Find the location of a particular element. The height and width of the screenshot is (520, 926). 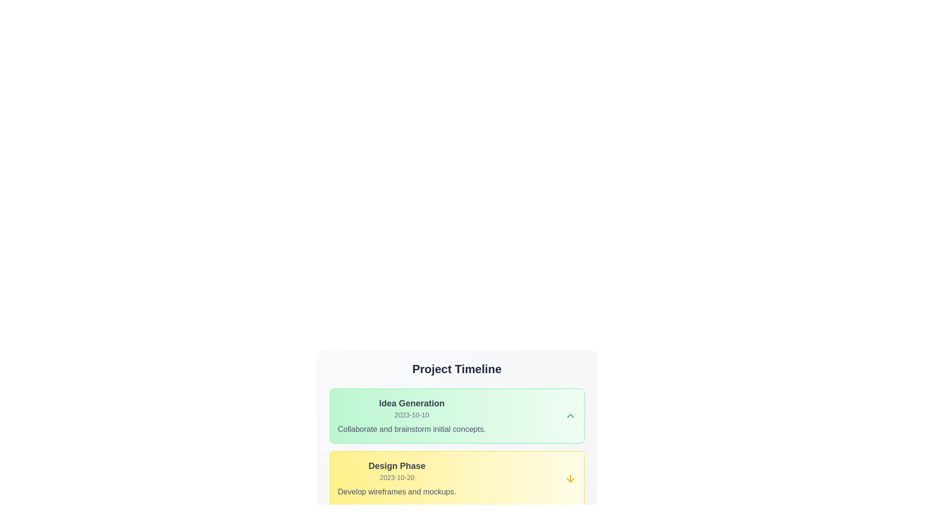

the icon located to the far right within the 'Design Phase' section of the Project Timeline card is located at coordinates (570, 479).